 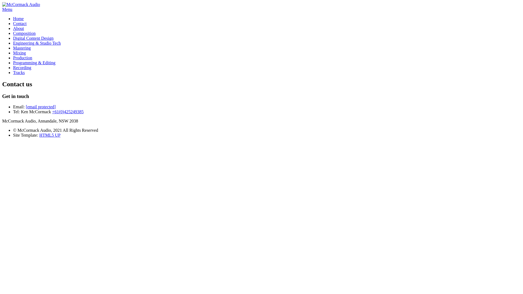 I want to click on 'HTML5 UP', so click(x=39, y=135).